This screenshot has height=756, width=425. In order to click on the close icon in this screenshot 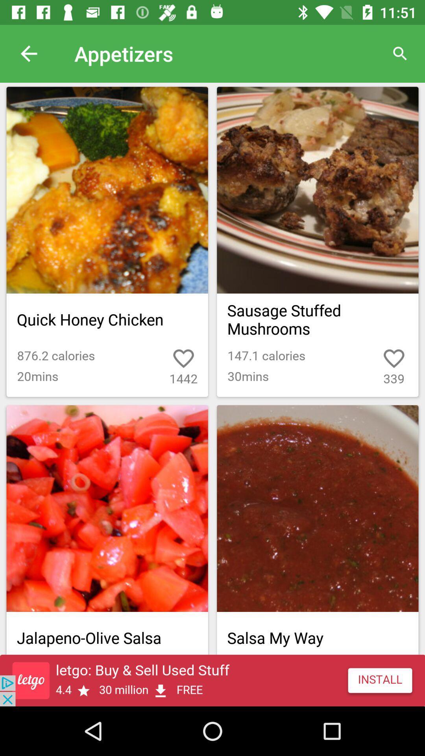, I will do `click(376, 606)`.